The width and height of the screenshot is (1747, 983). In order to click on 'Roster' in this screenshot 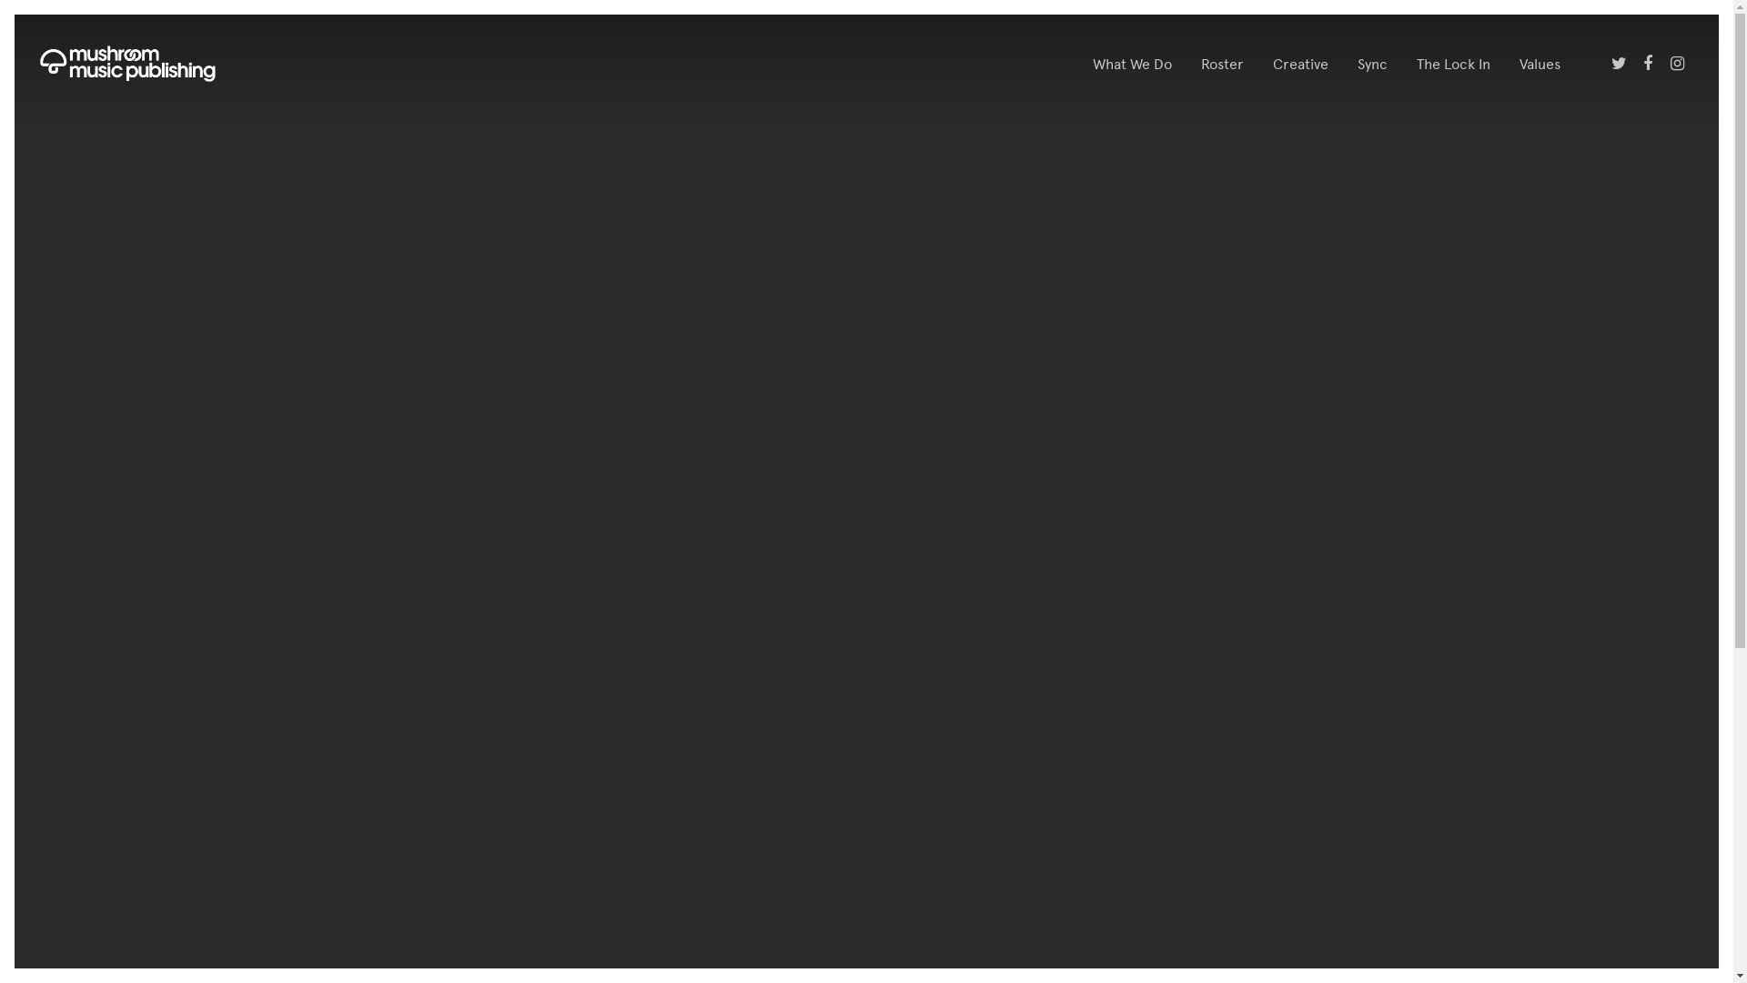, I will do `click(1222, 62)`.